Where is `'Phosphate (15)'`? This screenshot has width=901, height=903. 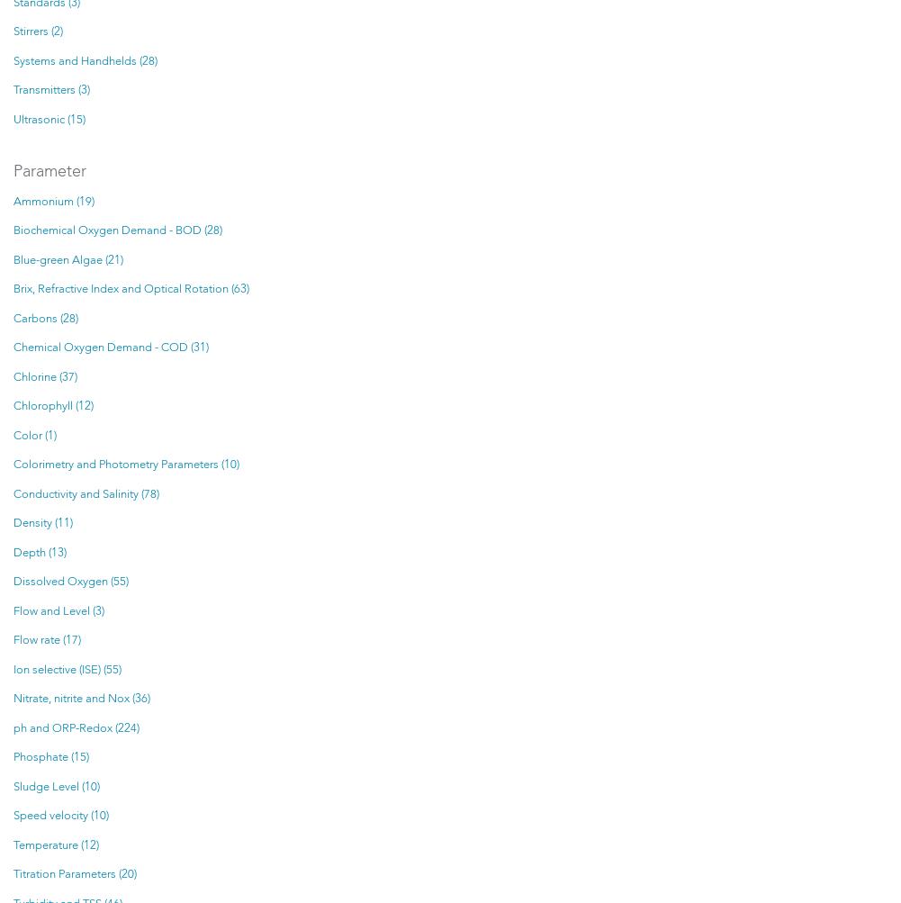
'Phosphate (15)' is located at coordinates (50, 757).